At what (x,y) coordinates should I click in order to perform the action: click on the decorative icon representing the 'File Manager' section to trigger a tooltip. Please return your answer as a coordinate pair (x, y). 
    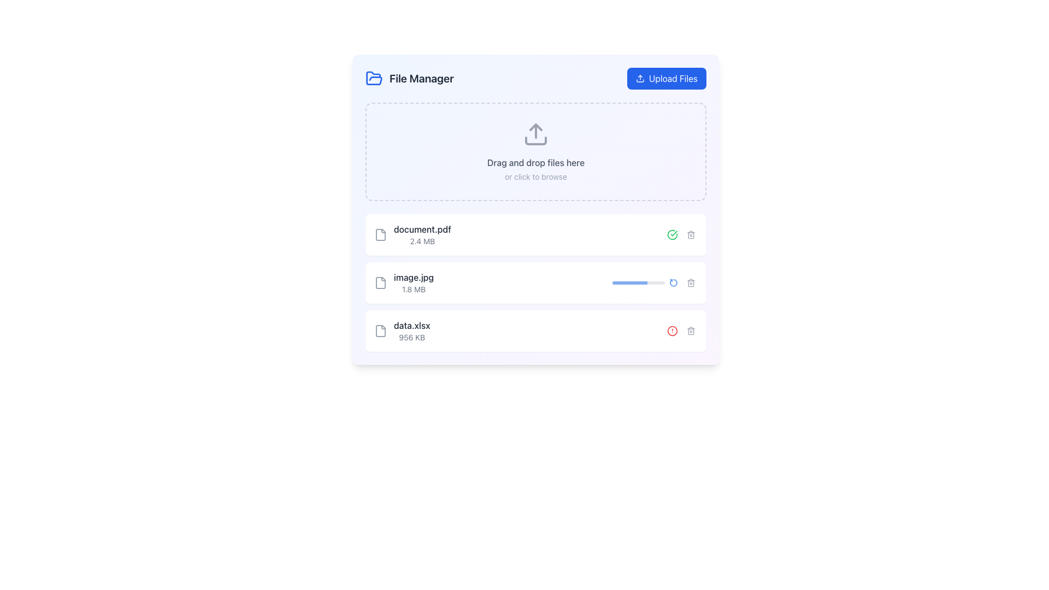
    Looking at the image, I should click on (374, 78).